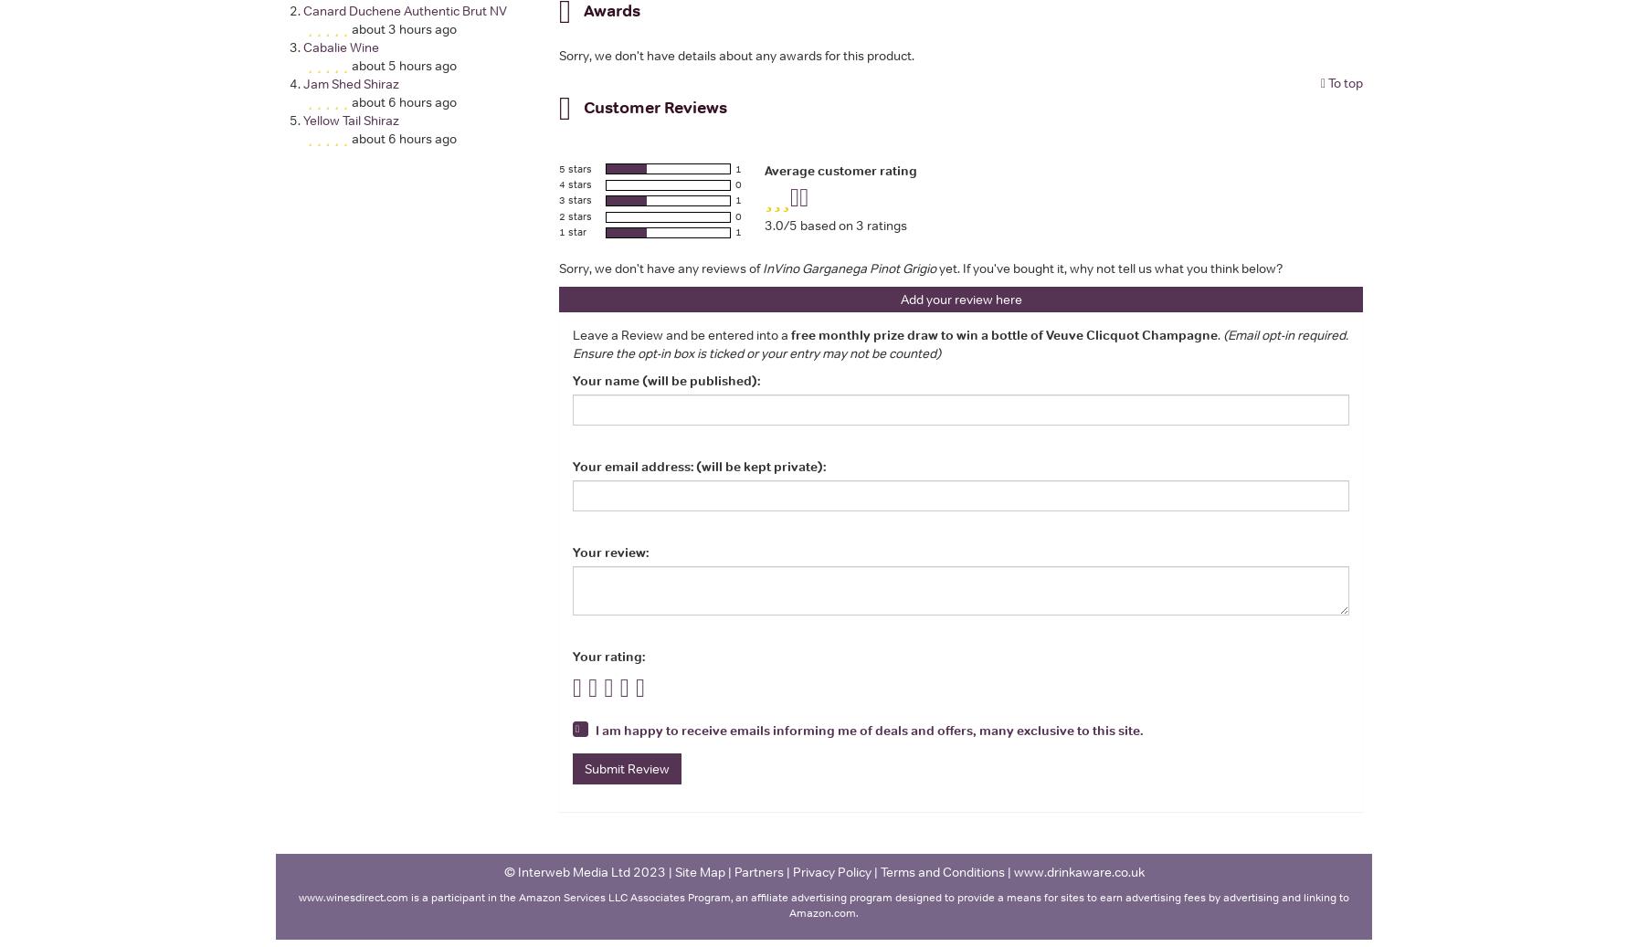  Describe the element at coordinates (574, 199) in the screenshot. I see `'3 stars'` at that location.